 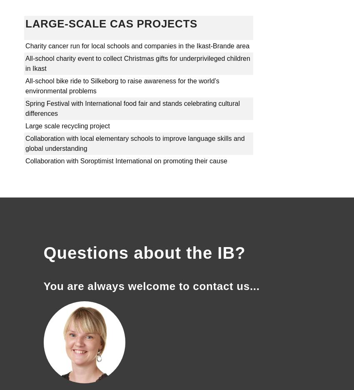 What do you see at coordinates (132, 108) in the screenshot?
I see `'Spring Festival with International food fair and stands celebrating cultural differences'` at bounding box center [132, 108].